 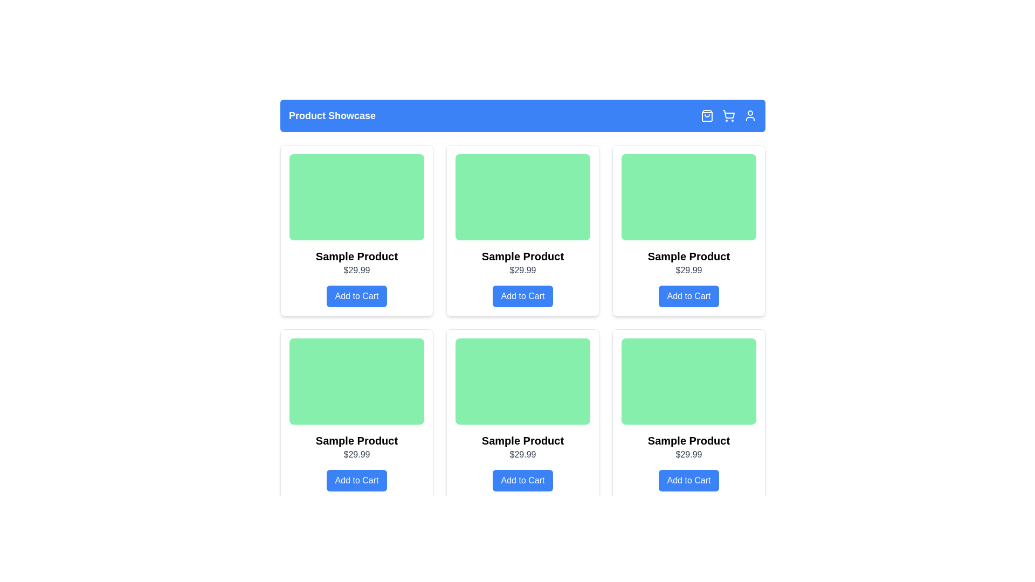 What do you see at coordinates (707, 116) in the screenshot?
I see `the shopping bag icon represented by the trapezoidal base and slanted lines located in the top-right corner of the blue header bar` at bounding box center [707, 116].